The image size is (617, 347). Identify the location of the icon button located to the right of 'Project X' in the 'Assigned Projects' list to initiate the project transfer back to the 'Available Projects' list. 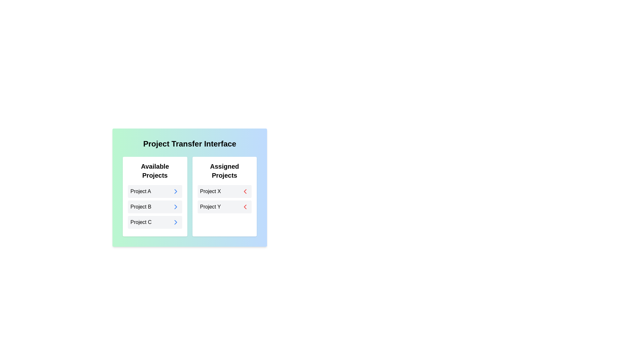
(245, 191).